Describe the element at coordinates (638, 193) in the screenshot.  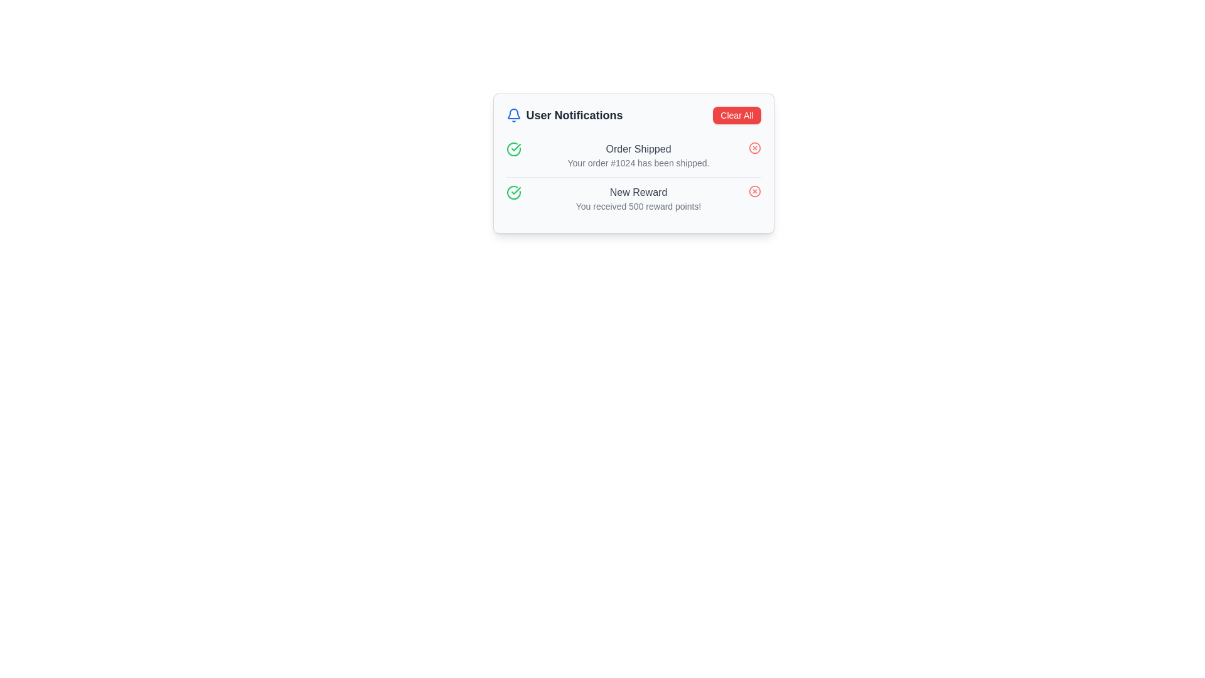
I see `the title text of the second notification card in the 'User Notifications' section, which provides a summary of the notification's purpose and is located beneath a green checkmark icon` at that location.